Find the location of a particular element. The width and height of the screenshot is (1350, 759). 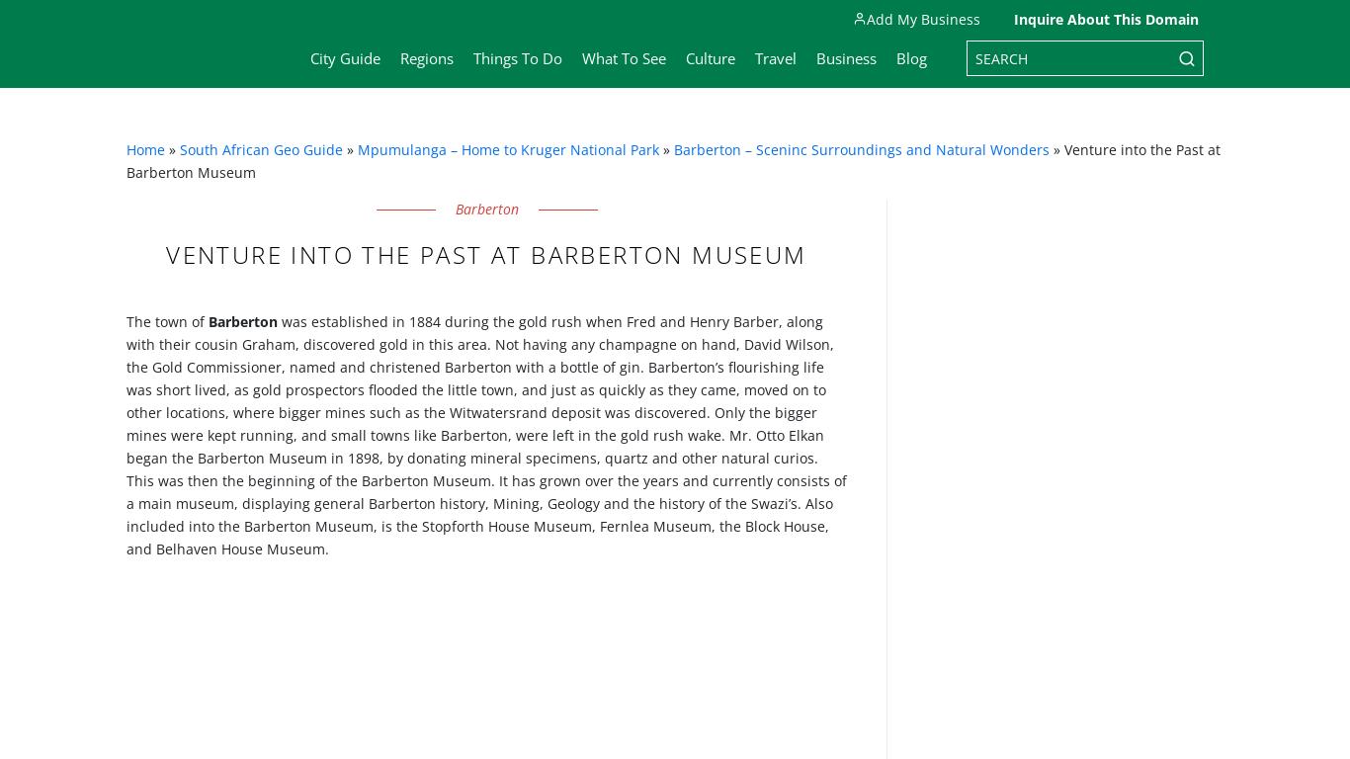

'Travel' is located at coordinates (776, 57).